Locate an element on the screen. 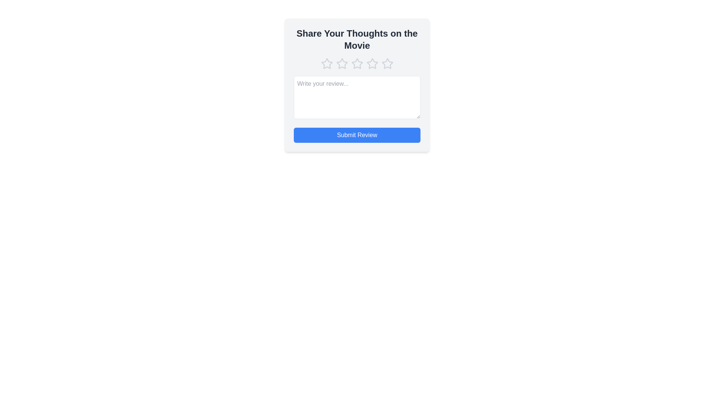 The image size is (726, 408). the second star icon in the rating bar is located at coordinates (357, 63).